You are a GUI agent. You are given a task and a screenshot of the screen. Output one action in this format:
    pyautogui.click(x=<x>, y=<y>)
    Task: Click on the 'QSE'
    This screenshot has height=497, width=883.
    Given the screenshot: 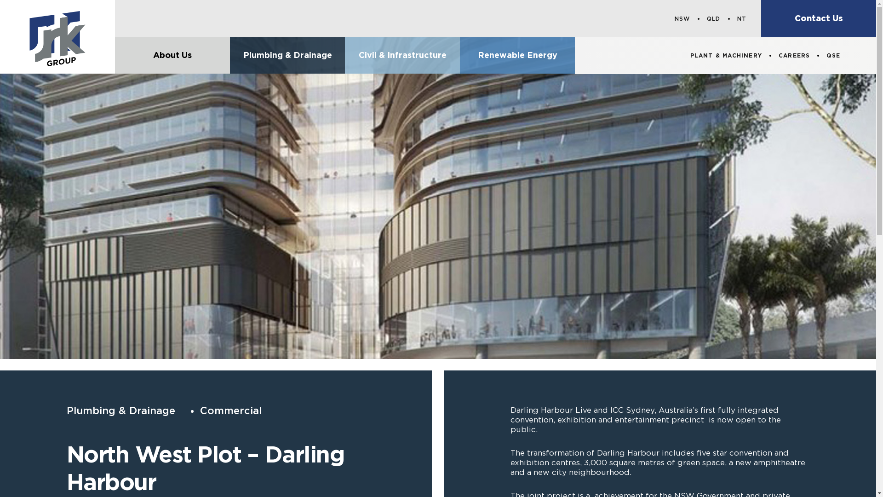 What is the action you would take?
    pyautogui.click(x=833, y=55)
    